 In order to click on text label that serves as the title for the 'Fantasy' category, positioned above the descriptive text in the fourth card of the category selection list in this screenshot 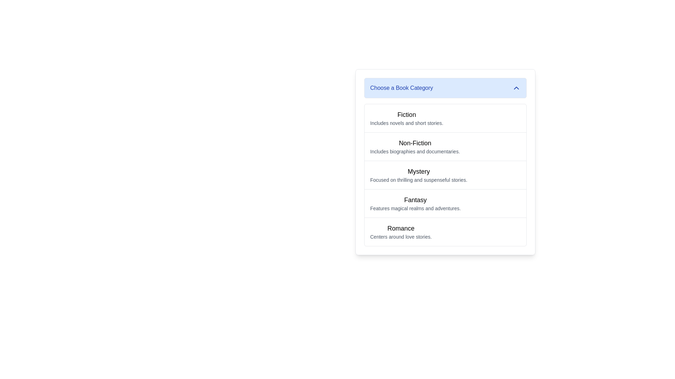, I will do `click(415, 200)`.